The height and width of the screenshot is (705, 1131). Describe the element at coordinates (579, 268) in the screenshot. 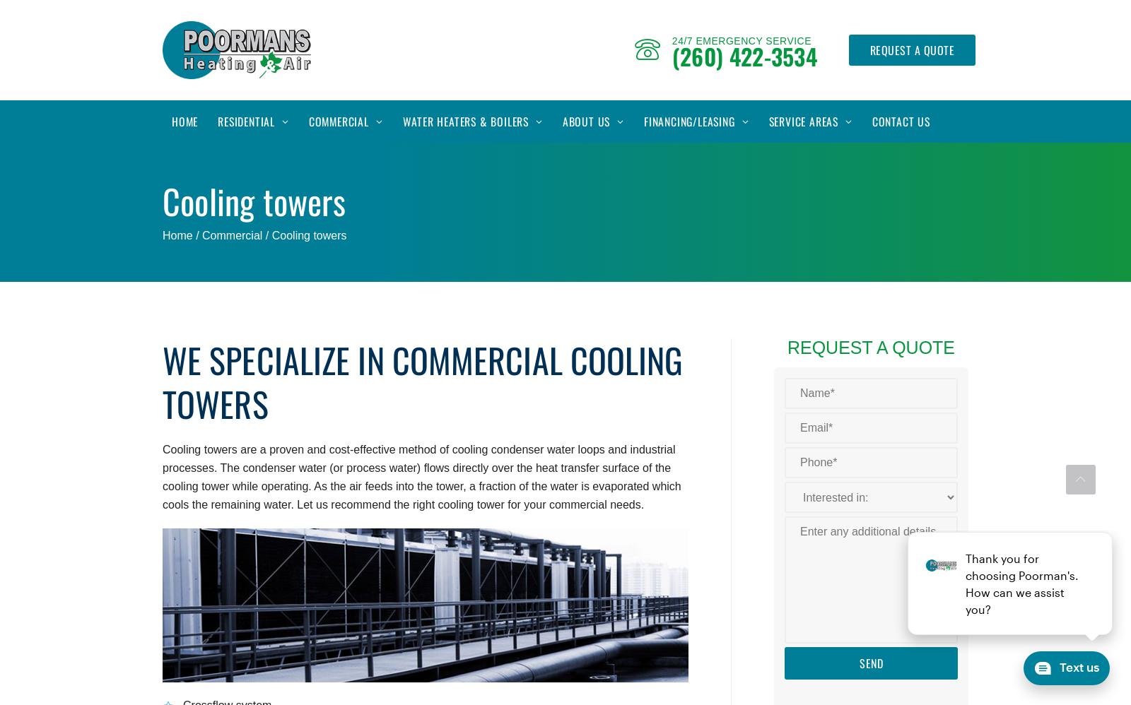

I see `'Careers'` at that location.